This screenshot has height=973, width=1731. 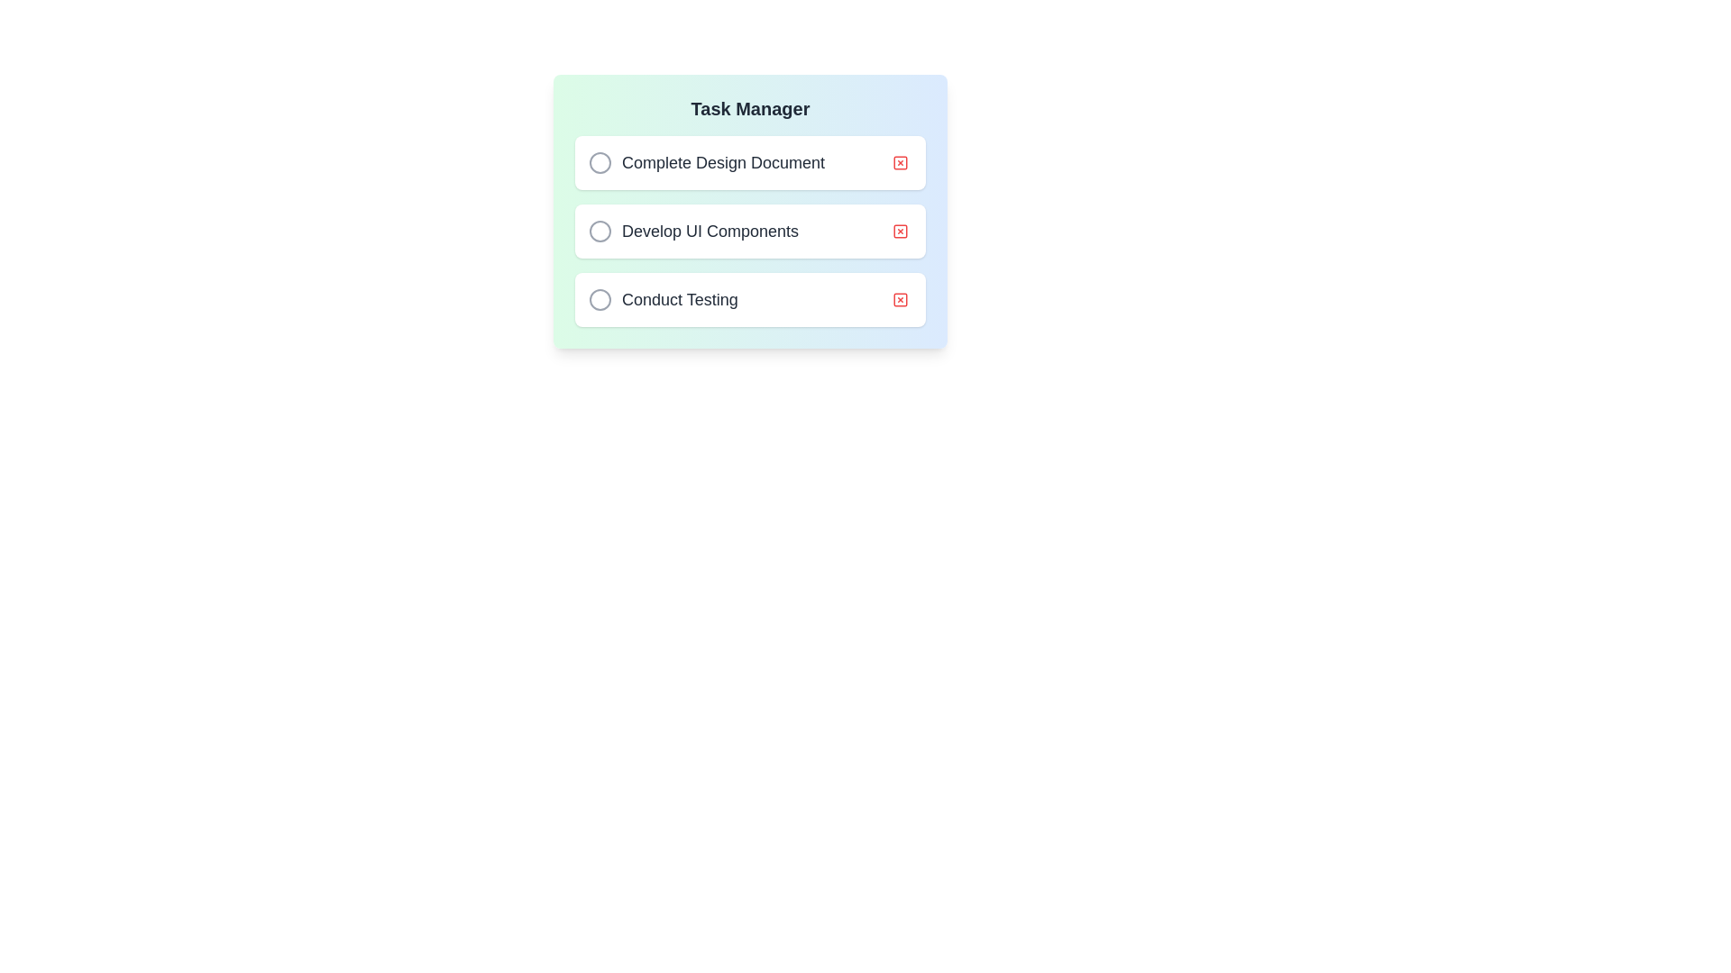 I want to click on the radio button with a light-gray border located to the left of the text 'Conduct Testing', so click(x=600, y=298).